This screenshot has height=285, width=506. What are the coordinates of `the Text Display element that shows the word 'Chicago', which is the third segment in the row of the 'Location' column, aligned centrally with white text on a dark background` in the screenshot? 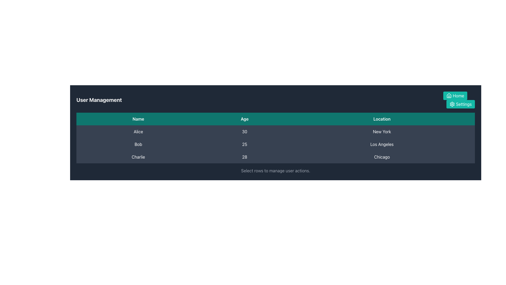 It's located at (382, 156).